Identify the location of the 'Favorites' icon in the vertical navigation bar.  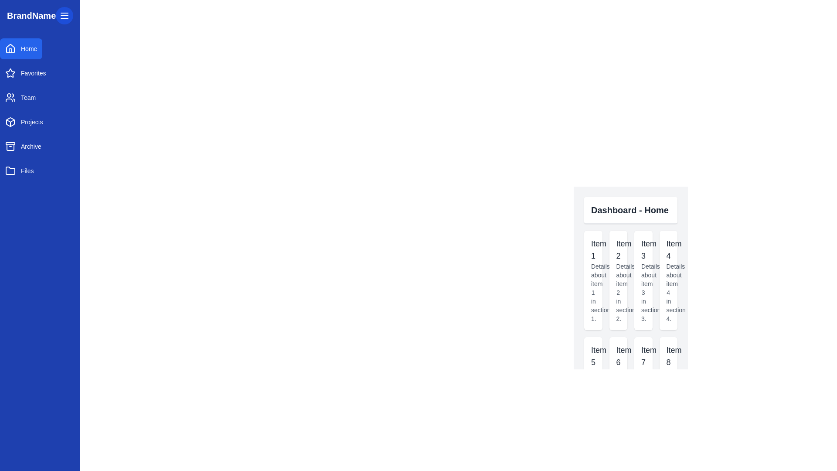
(10, 72).